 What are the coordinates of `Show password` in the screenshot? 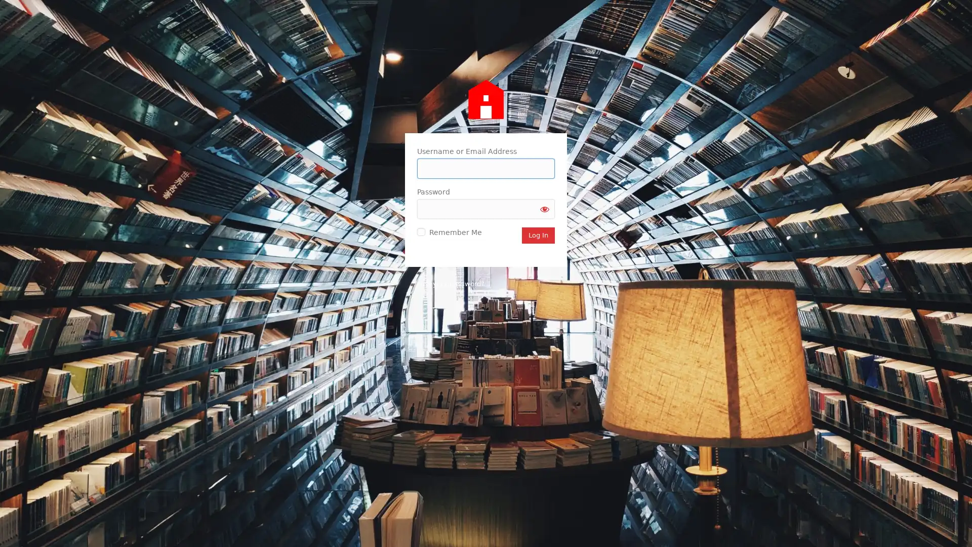 It's located at (544, 208).